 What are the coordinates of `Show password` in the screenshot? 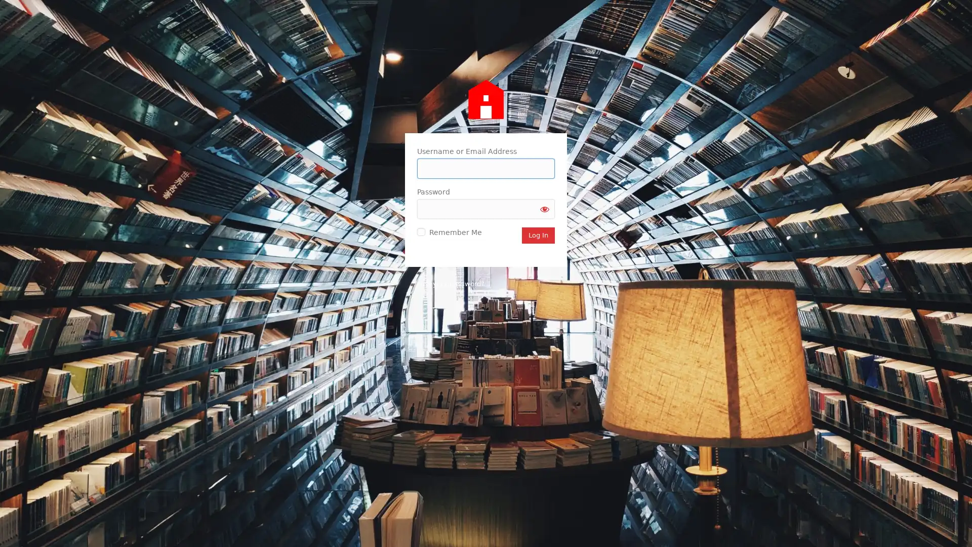 It's located at (544, 208).